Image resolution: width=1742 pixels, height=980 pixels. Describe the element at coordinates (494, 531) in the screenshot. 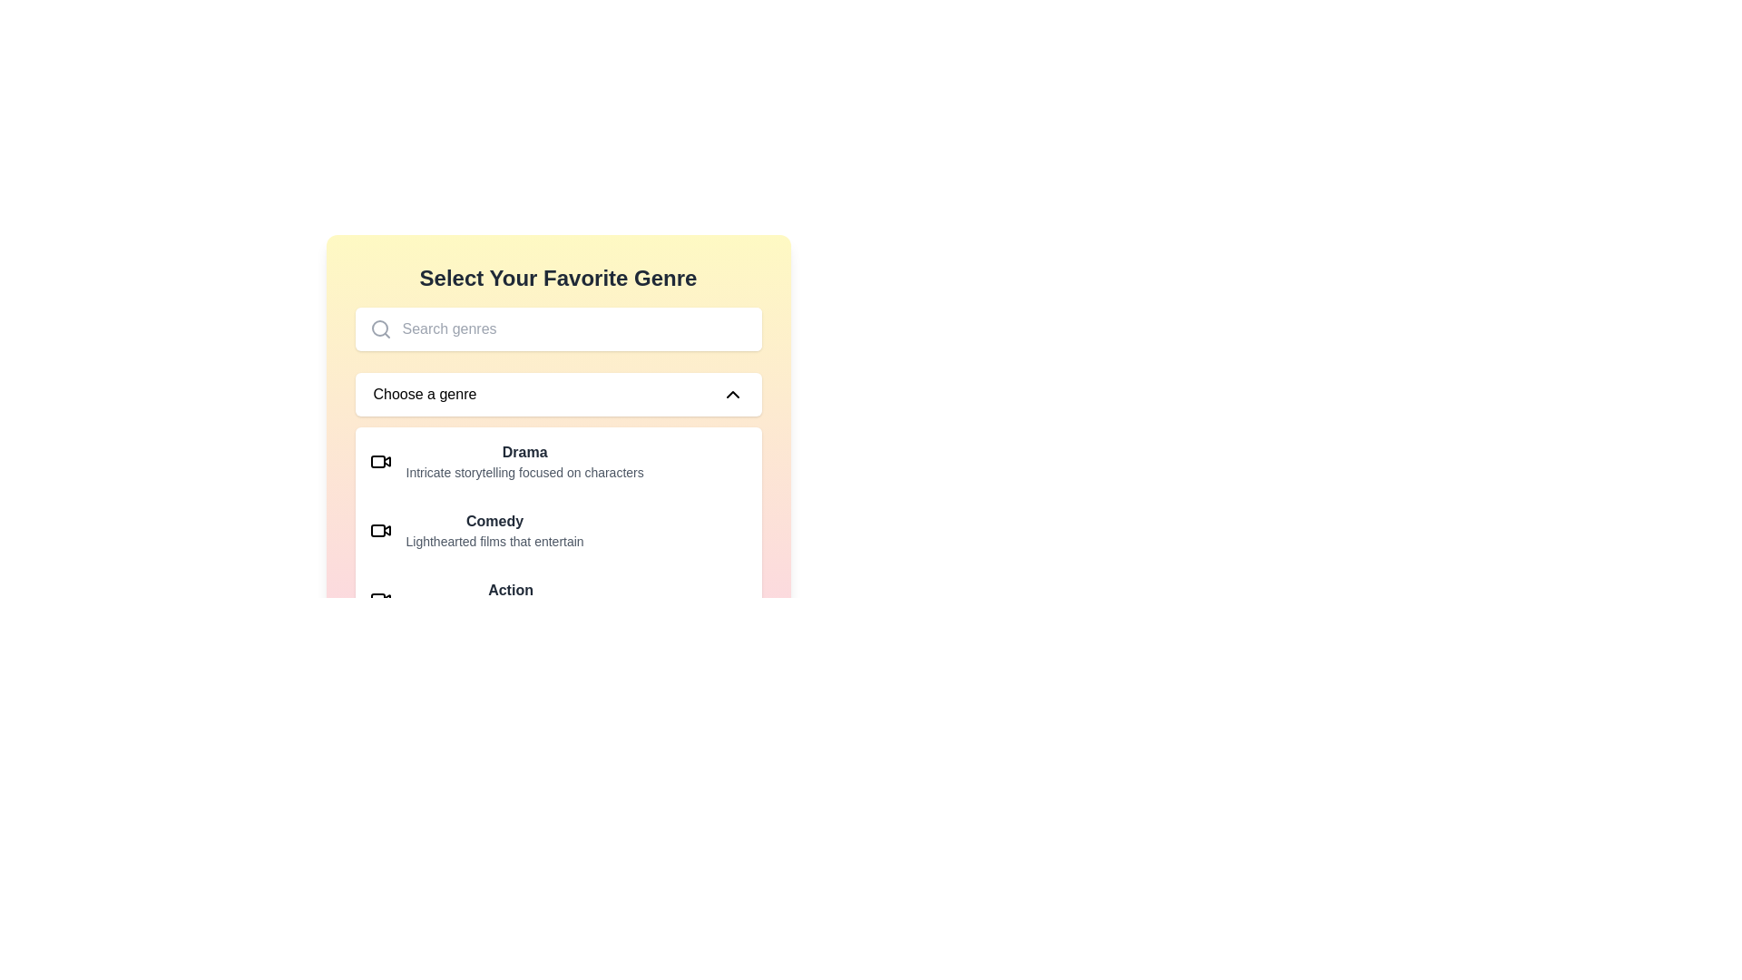

I see `the List item labeled 'Comedy' with the subtitle 'Lighthearted films that entertain'` at that location.